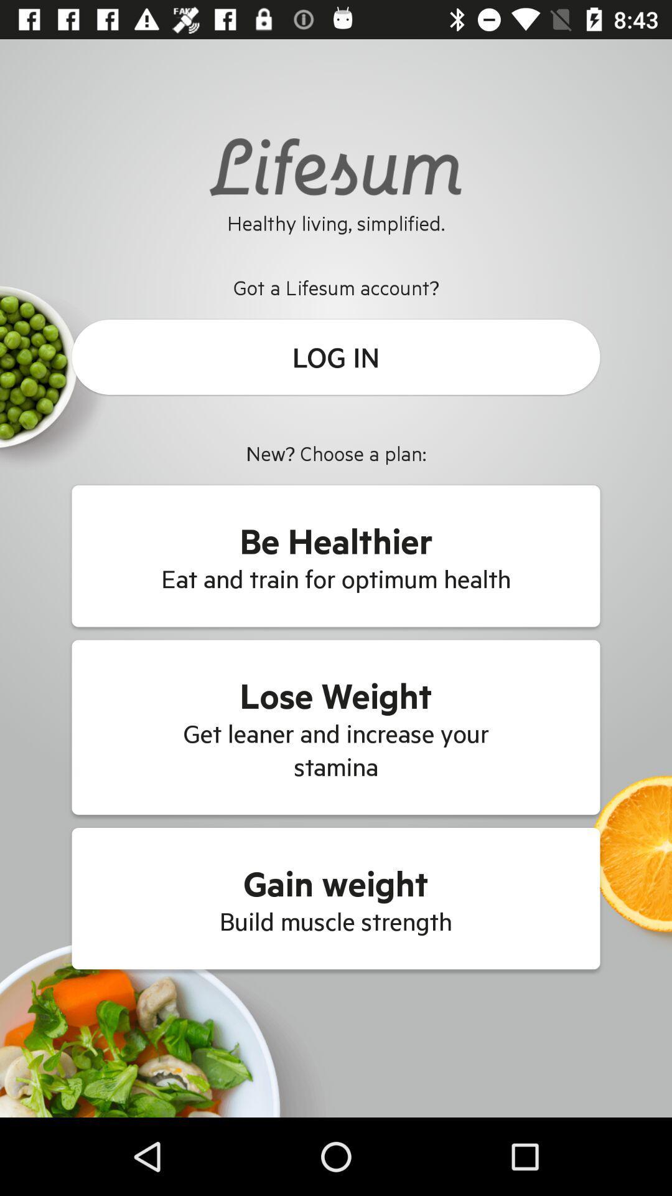 This screenshot has width=672, height=1196. What do you see at coordinates (336, 356) in the screenshot?
I see `the log in icon` at bounding box center [336, 356].